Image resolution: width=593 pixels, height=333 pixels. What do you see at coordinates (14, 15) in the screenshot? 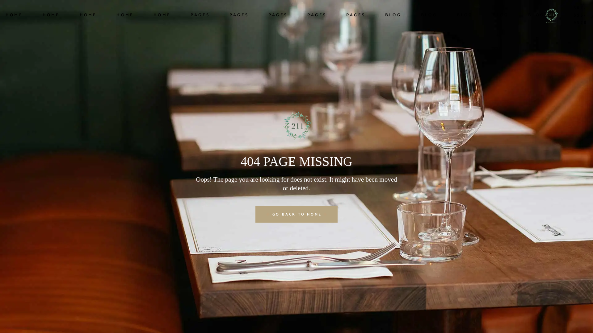
I see `'HOME'` at bounding box center [14, 15].